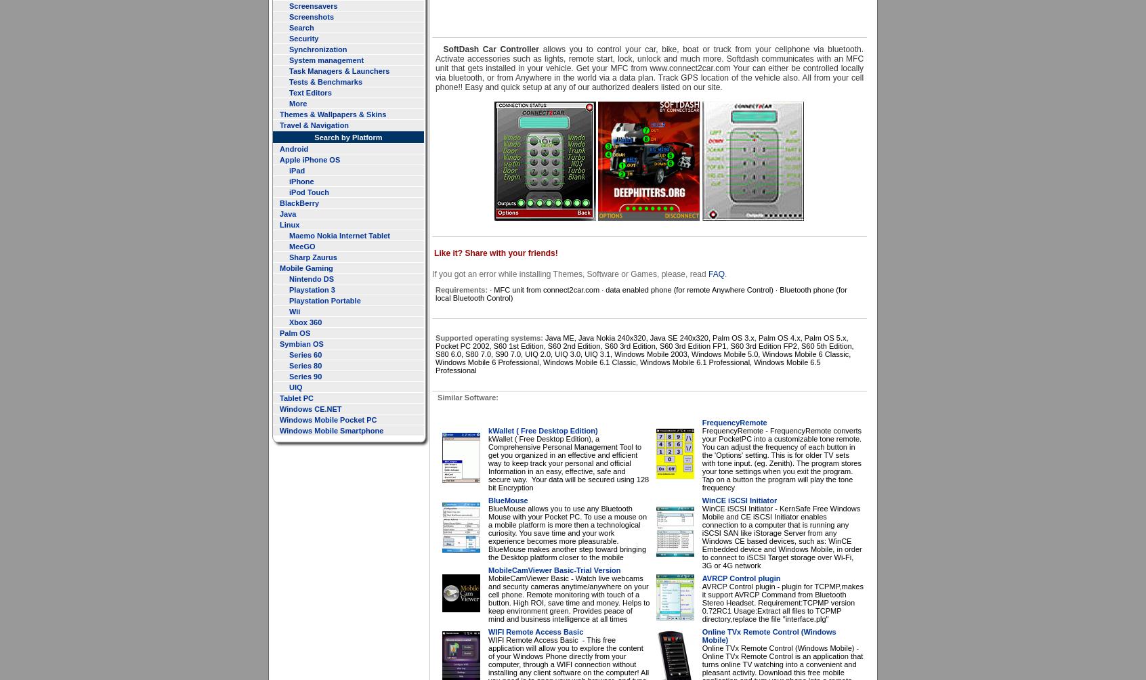 This screenshot has height=680, width=1146. Describe the element at coordinates (304, 320) in the screenshot. I see `'Xbox 360'` at that location.